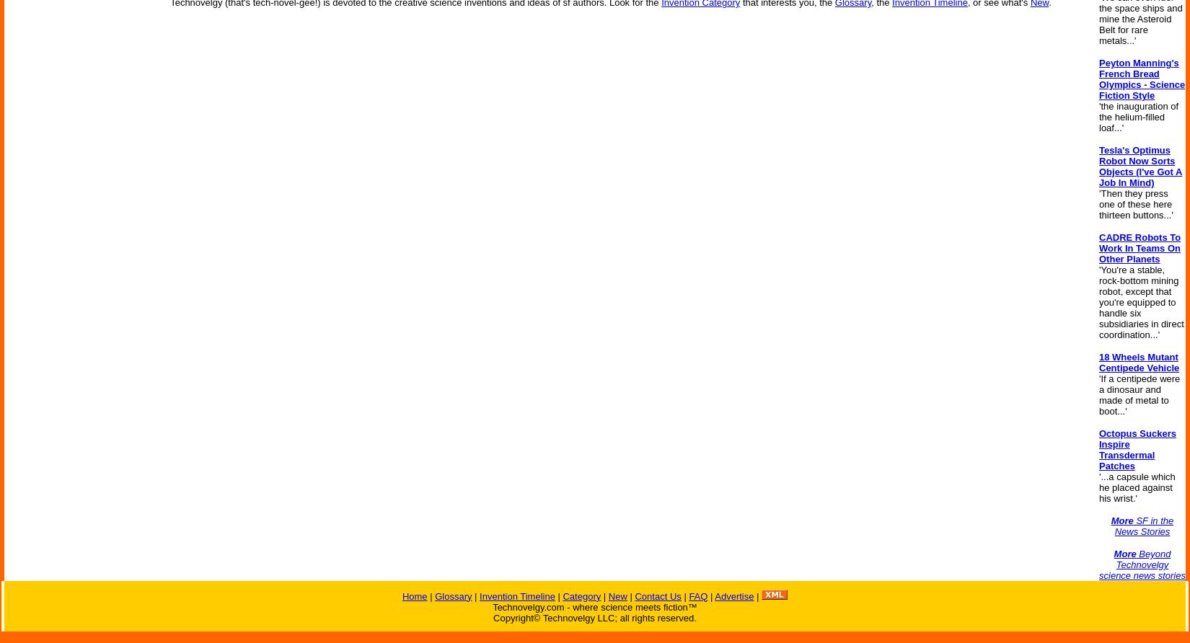 This screenshot has width=1190, height=643. What do you see at coordinates (1138, 116) in the screenshot?
I see `''the inauguration of the helium-filled loaf...''` at bounding box center [1138, 116].